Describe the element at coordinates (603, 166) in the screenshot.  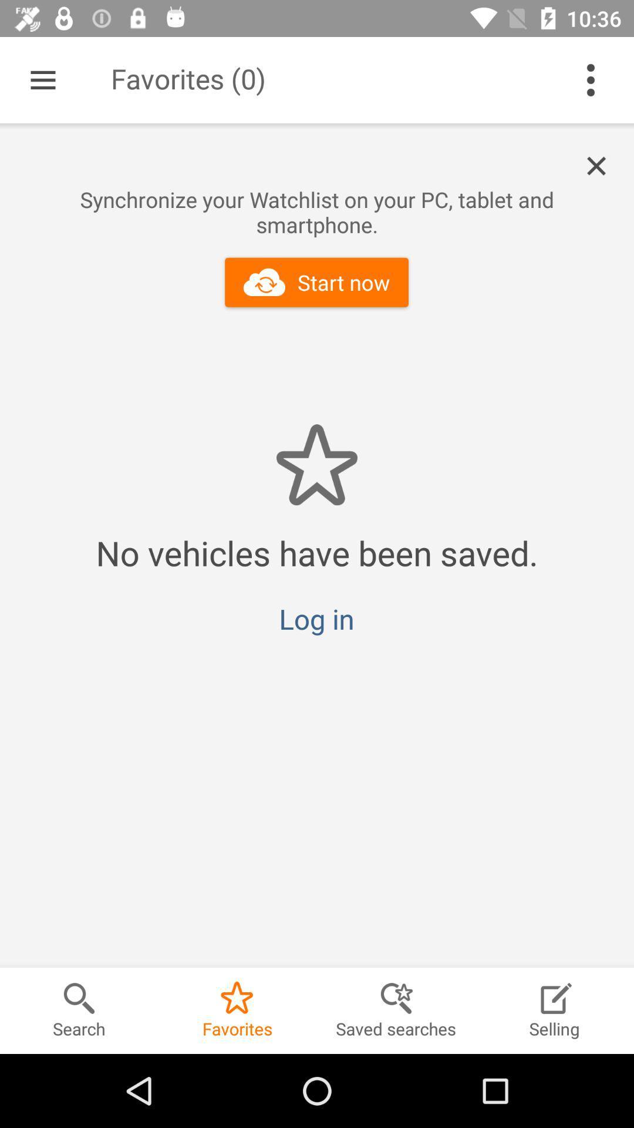
I see `icon above the synchronize your watchlist icon` at that location.